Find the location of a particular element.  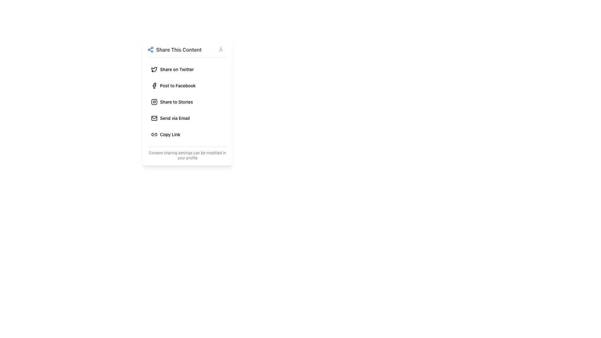

the small, stylized 'F' icon representing Facebook, which is the second item in a vertical list of sharing options within a popup menu, to share content on Facebook is located at coordinates (154, 85).